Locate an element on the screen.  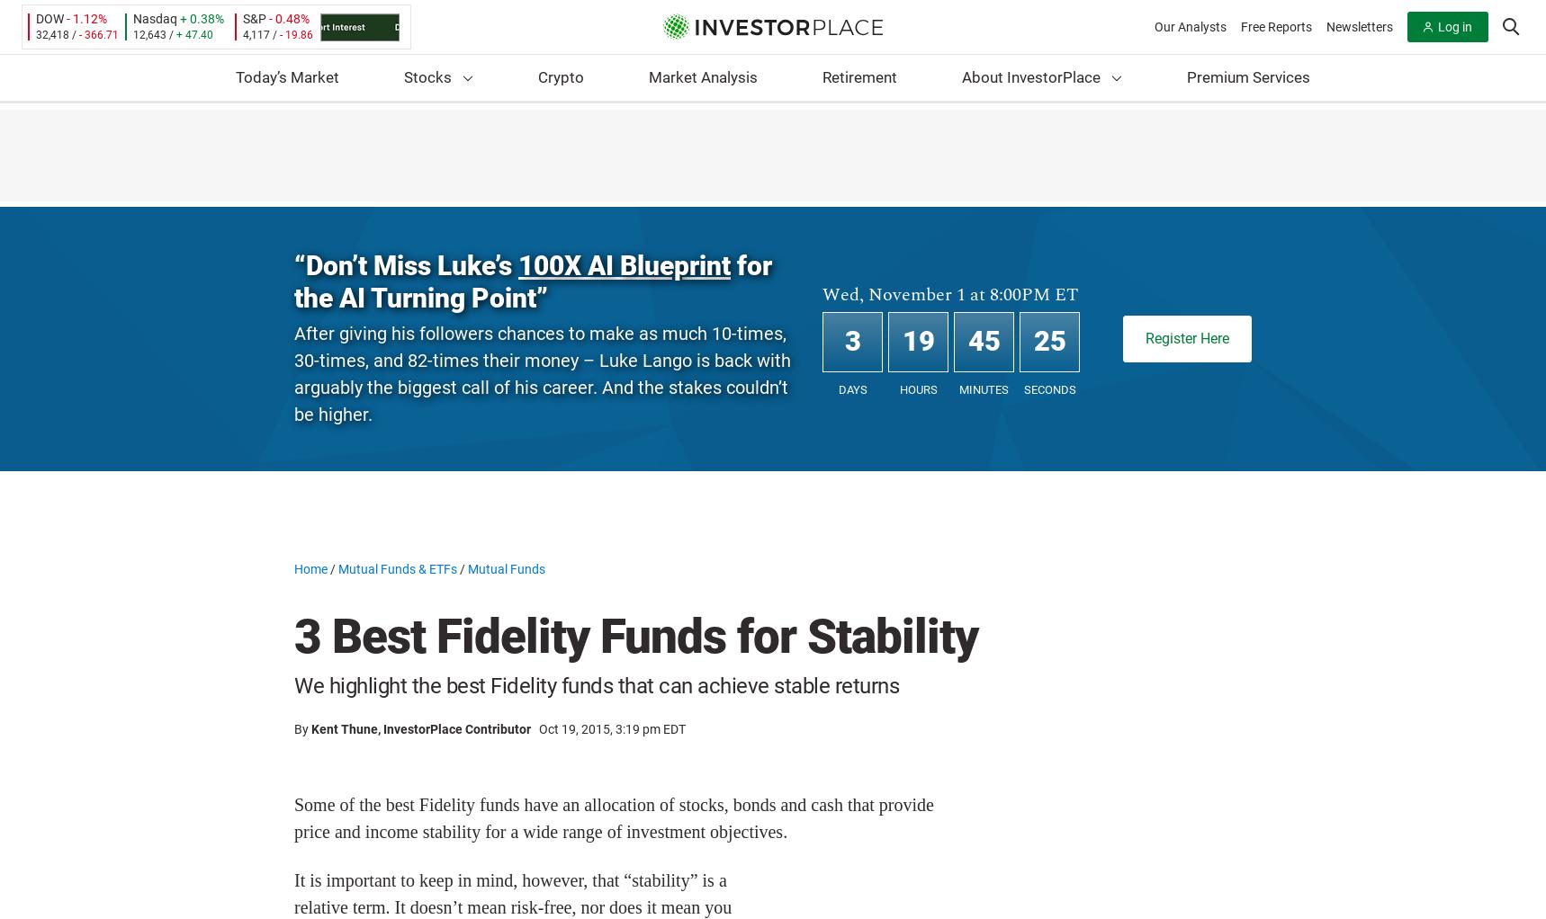
'Penny Stocks' is located at coordinates (731, 306).